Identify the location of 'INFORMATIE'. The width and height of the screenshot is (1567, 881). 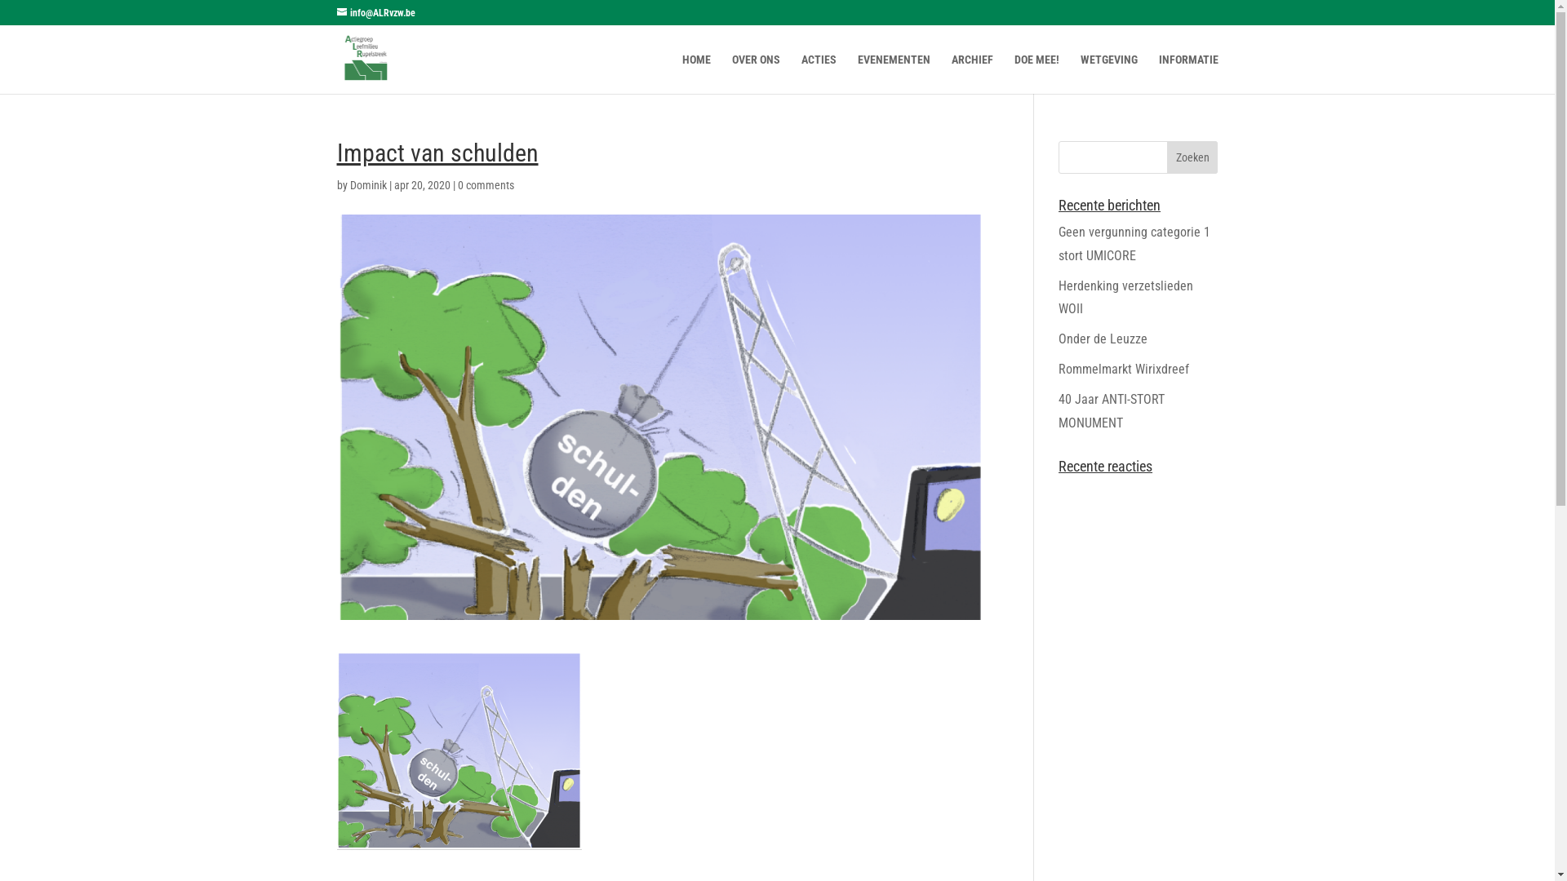
(1158, 73).